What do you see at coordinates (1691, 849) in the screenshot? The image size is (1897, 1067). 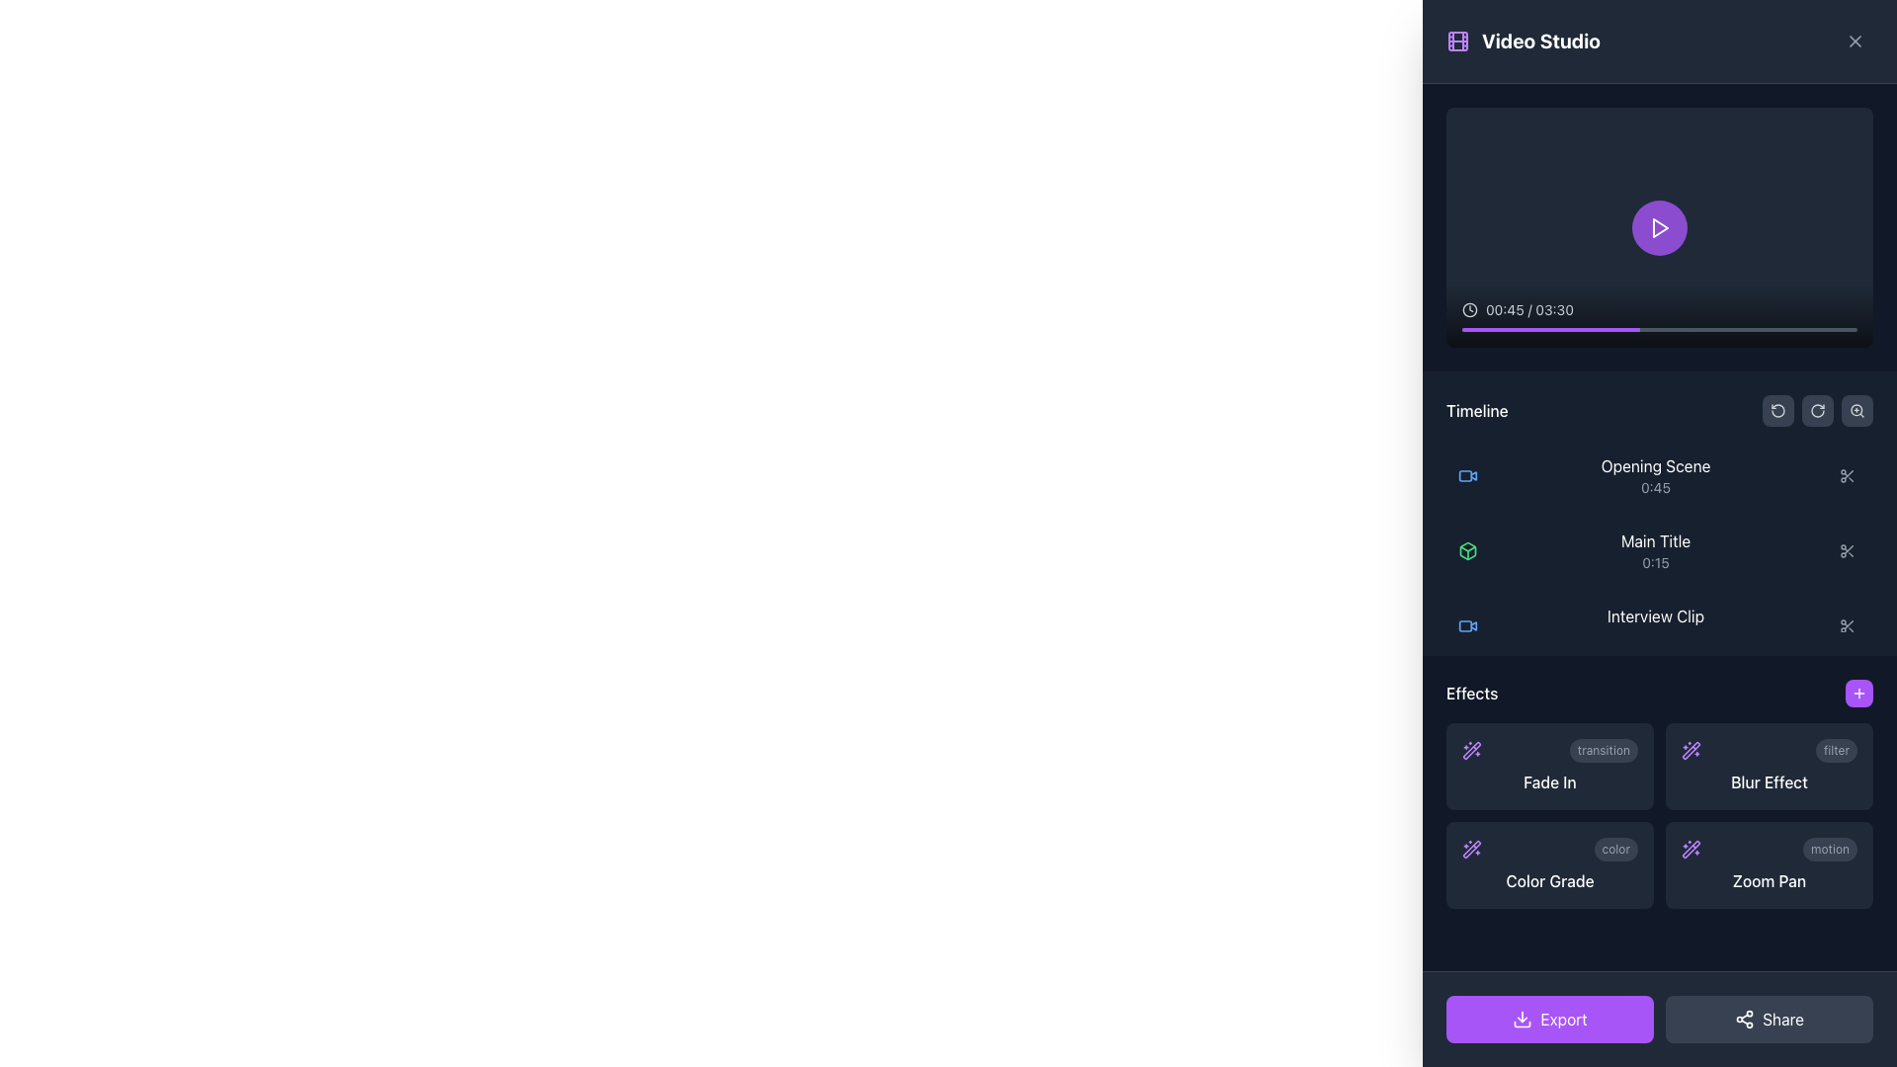 I see `the main diagonal line of the decorative icon representing a magic wand` at bounding box center [1691, 849].